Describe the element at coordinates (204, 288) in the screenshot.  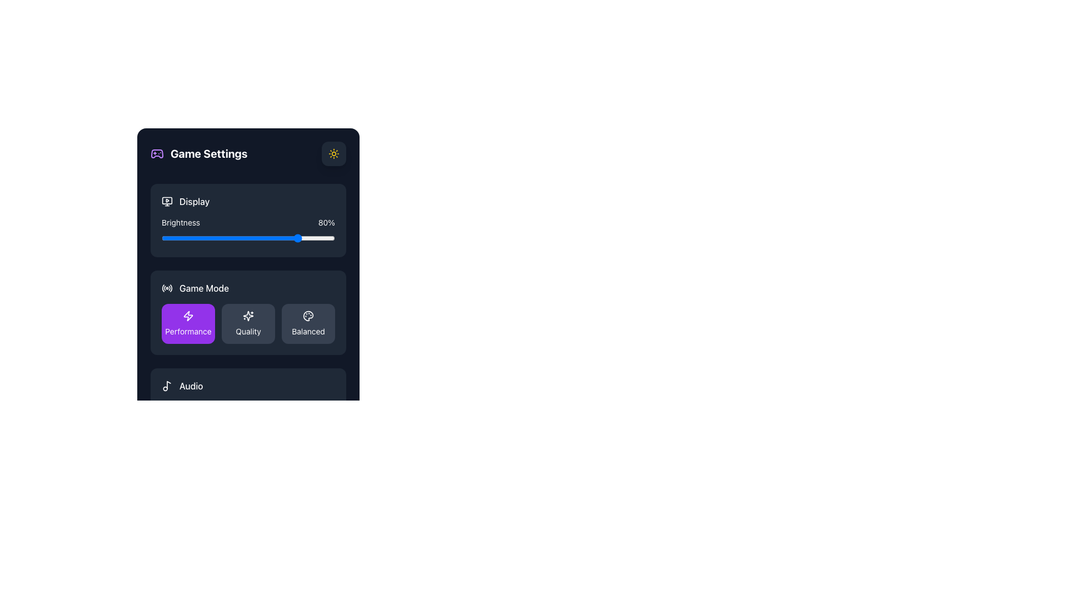
I see `'Game Mode' label text, which is displayed in white on a dark background, located above the selectable modes and to the right of a radio icon` at that location.